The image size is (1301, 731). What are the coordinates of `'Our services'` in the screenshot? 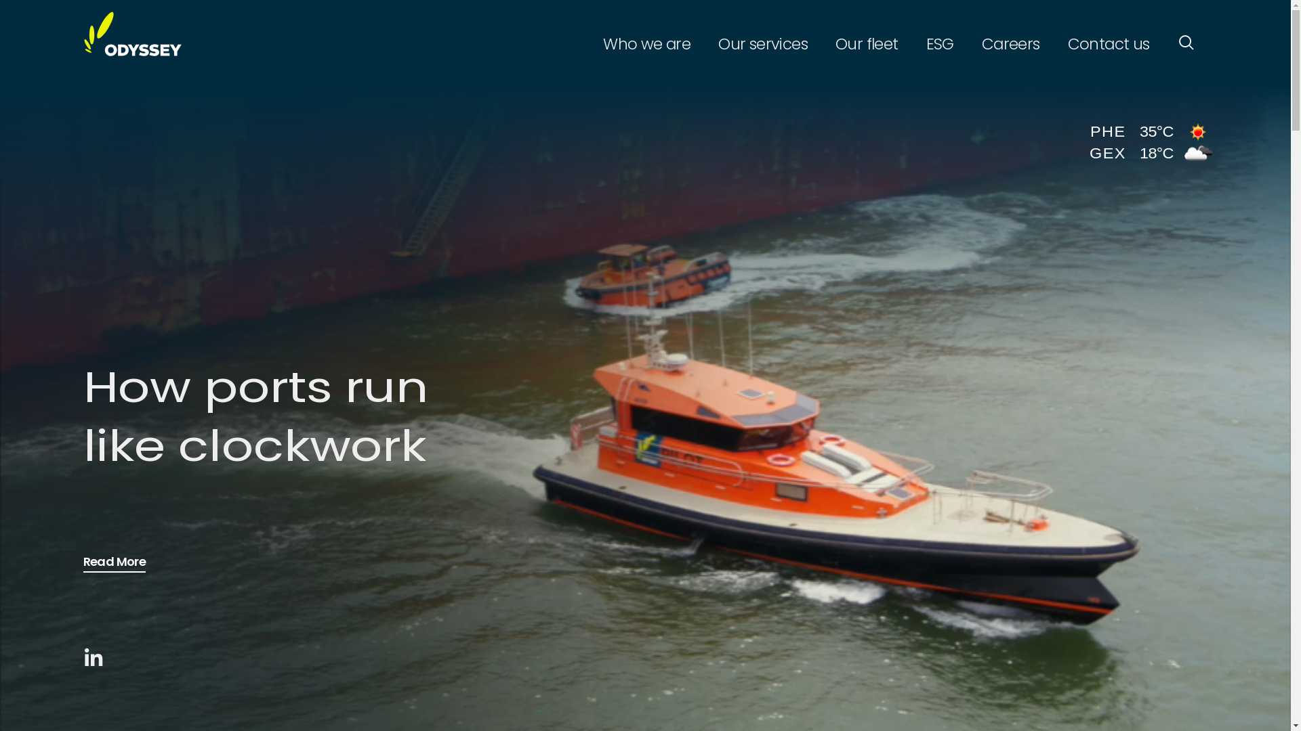 It's located at (707, 43).